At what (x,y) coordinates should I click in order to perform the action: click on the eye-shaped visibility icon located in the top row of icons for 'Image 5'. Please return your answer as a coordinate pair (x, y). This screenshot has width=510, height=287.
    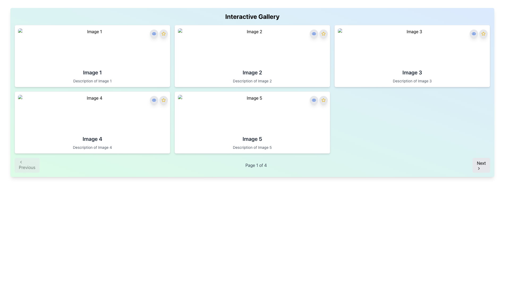
    Looking at the image, I should click on (314, 34).